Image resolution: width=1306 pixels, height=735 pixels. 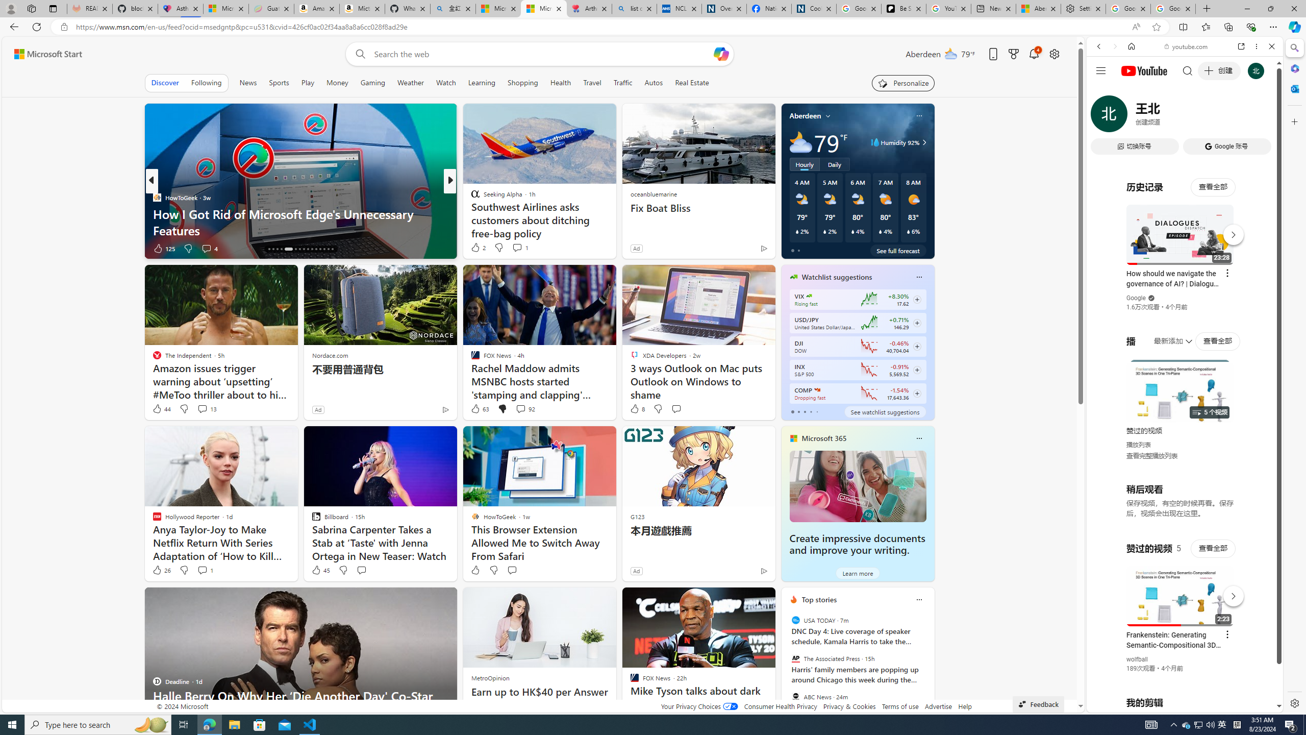 I want to click on 'Daily', so click(x=834, y=164).